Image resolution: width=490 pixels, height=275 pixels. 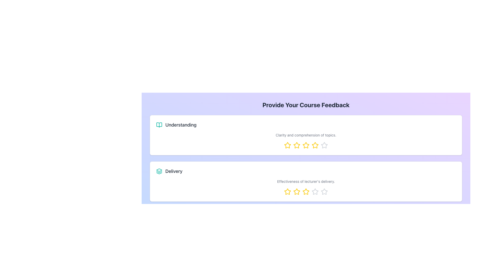 What do you see at coordinates (314, 145) in the screenshot?
I see `the fourth star icon in the rating component under the 'Clarity and comprehension of topics' section to give a four-star rating` at bounding box center [314, 145].